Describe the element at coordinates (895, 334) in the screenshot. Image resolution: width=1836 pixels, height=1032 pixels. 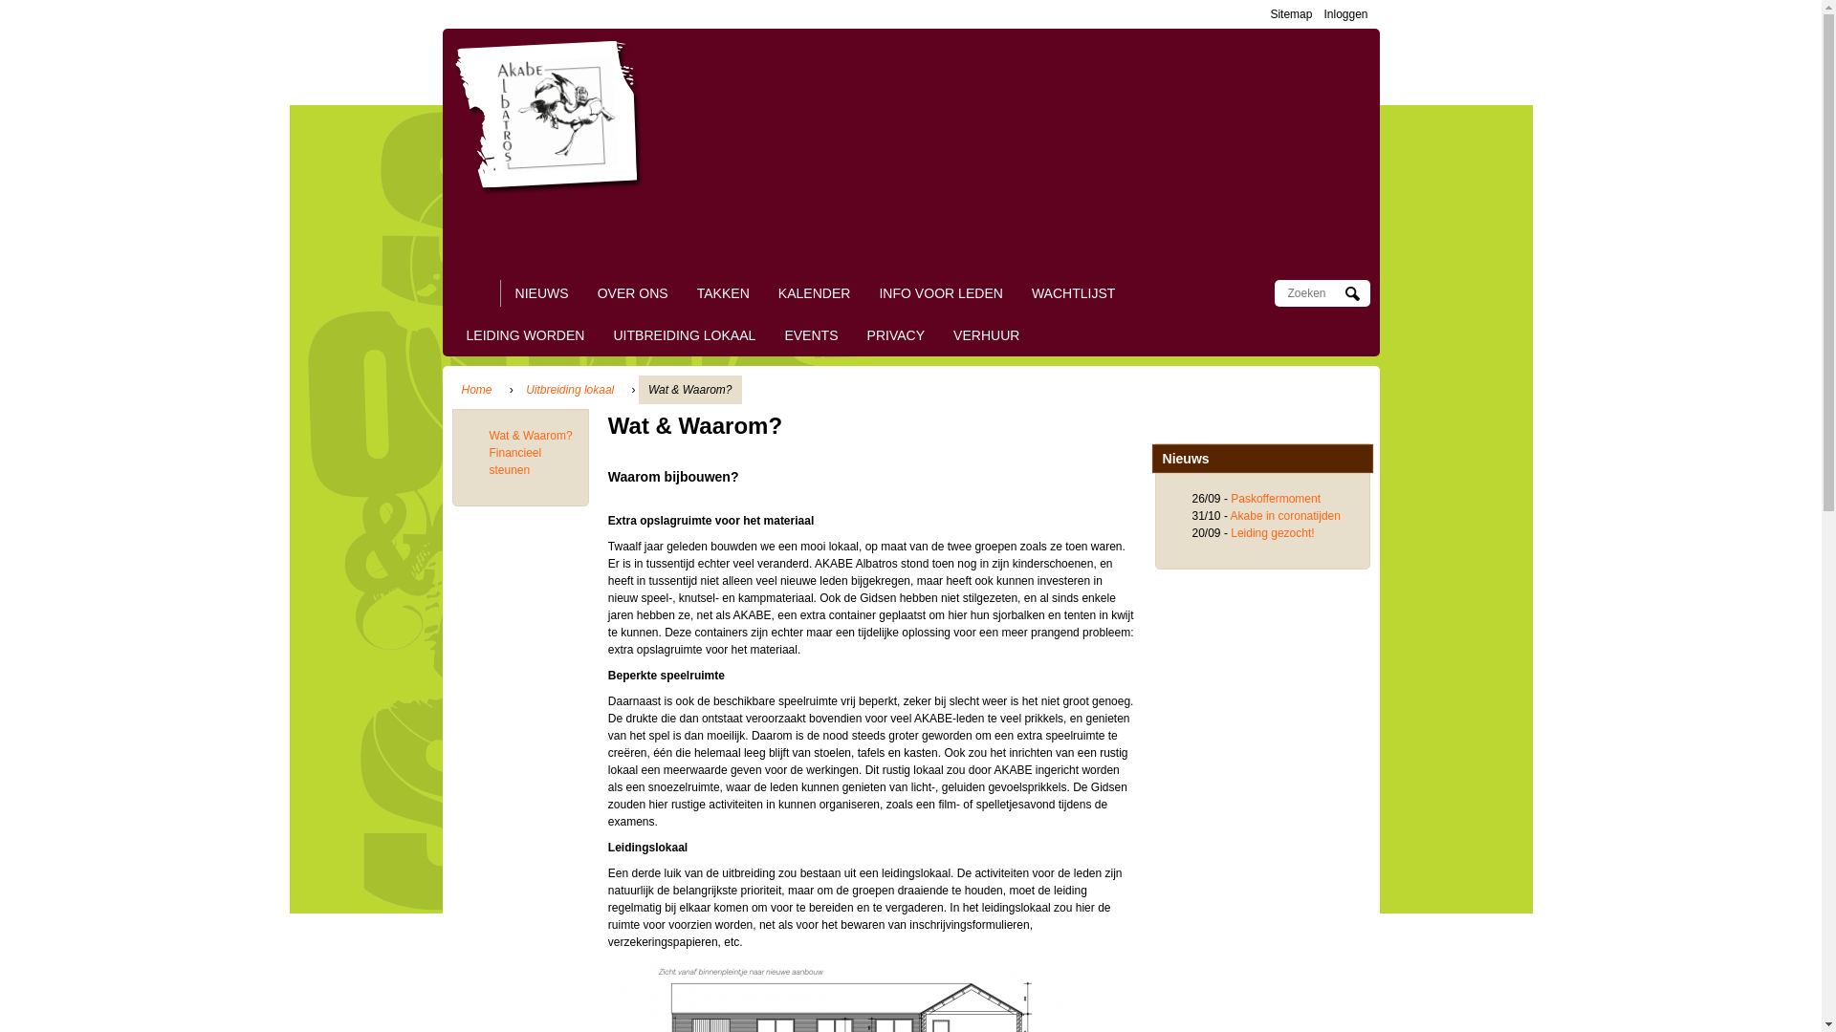
I see `'PRIVACY'` at that location.